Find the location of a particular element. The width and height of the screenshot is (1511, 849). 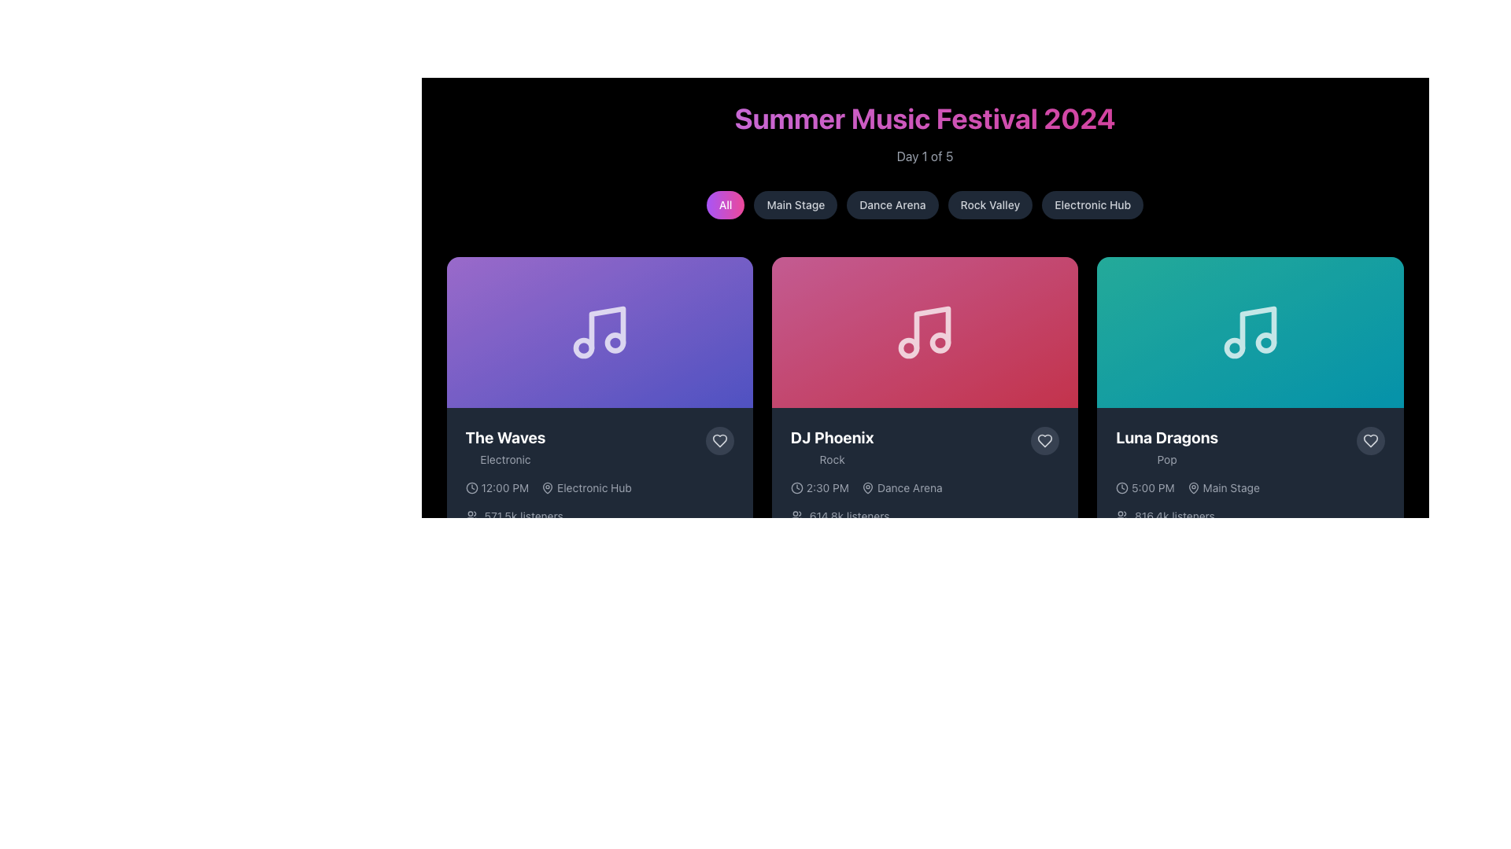

the music indicator icon located in the center of the second card, positioned below the 'Summer Music Festival 2024' header and above the 'DJ Phoenix' text is located at coordinates (925, 332).